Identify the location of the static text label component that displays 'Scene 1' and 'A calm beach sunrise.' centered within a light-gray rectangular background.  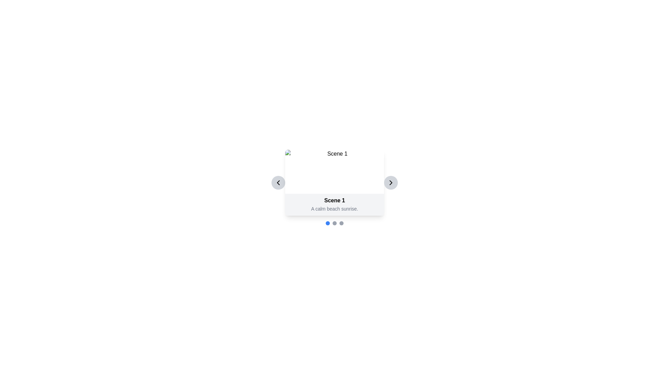
(334, 204).